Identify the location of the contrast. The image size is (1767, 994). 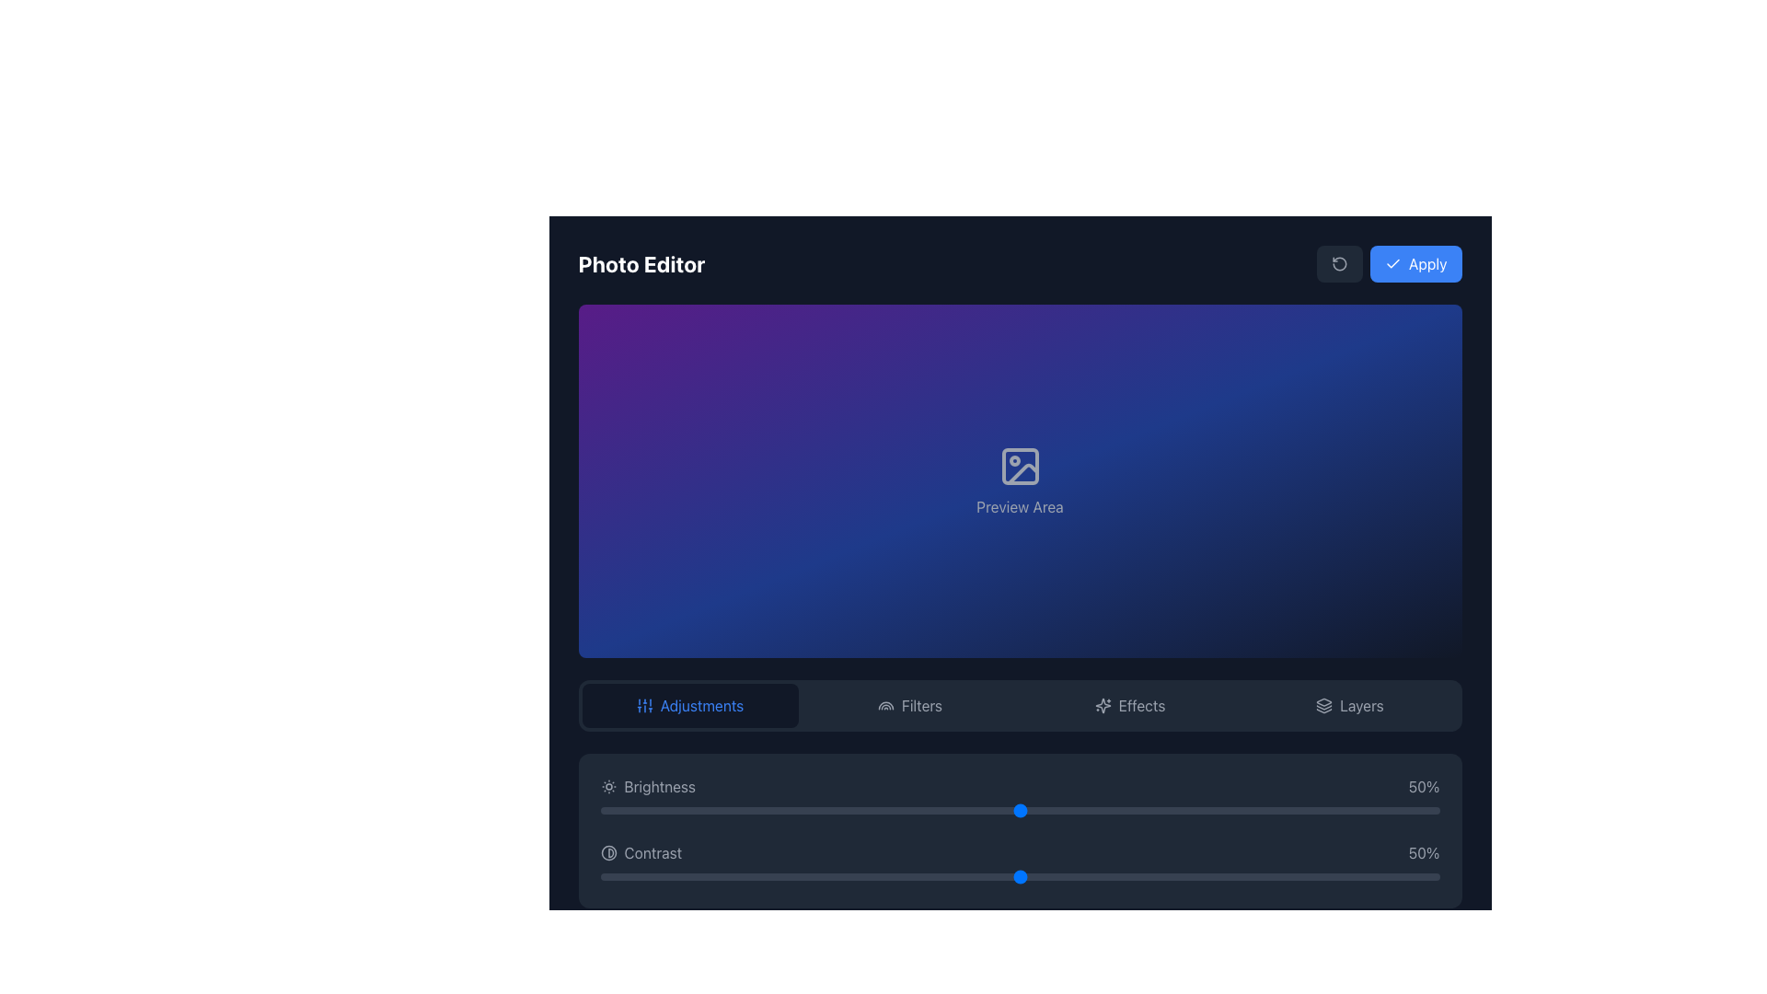
(1145, 875).